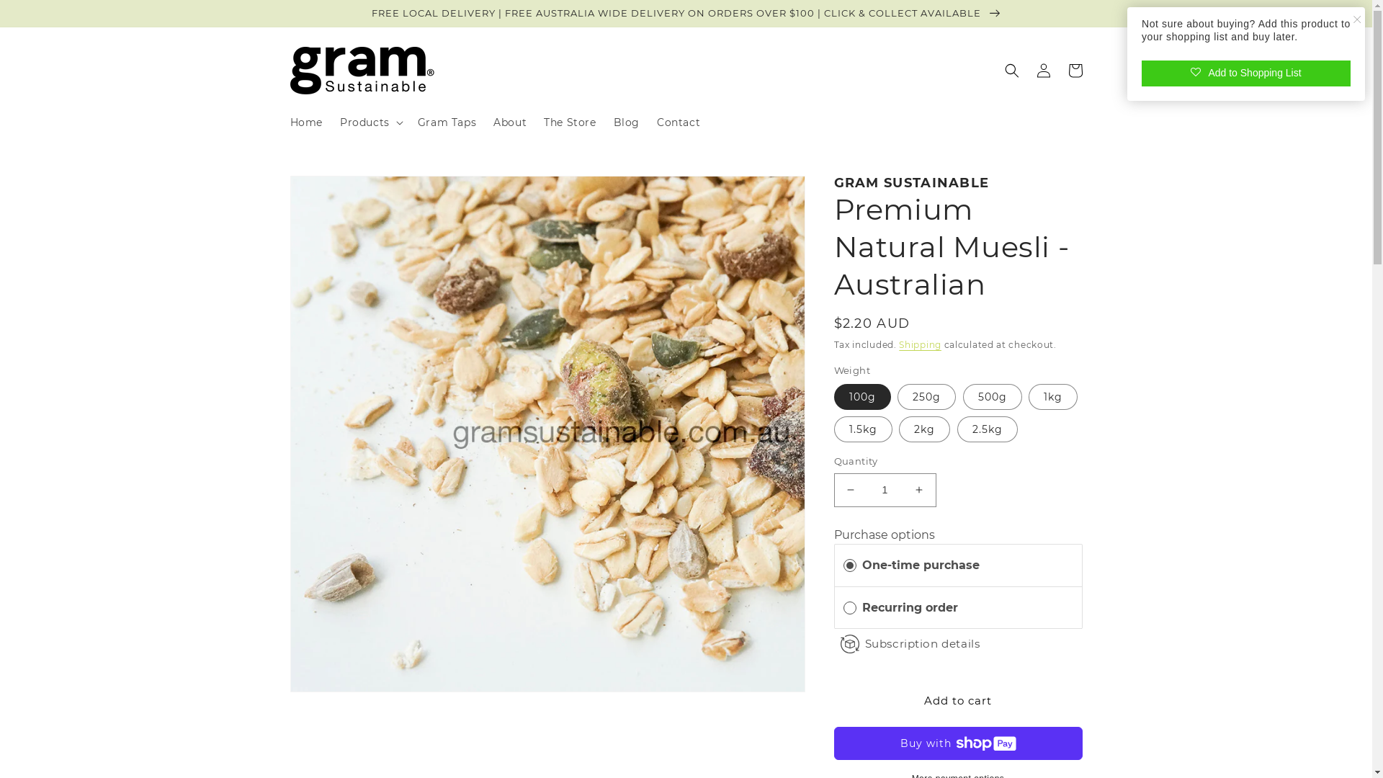 Image resolution: width=1383 pixels, height=778 pixels. What do you see at coordinates (510, 121) in the screenshot?
I see `'About'` at bounding box center [510, 121].